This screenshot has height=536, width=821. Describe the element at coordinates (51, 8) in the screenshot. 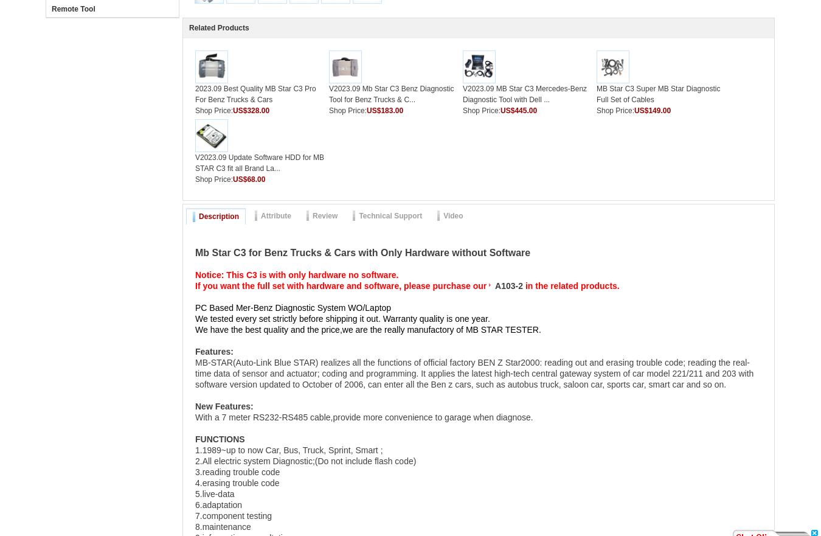

I see `'Remote Tool'` at that location.